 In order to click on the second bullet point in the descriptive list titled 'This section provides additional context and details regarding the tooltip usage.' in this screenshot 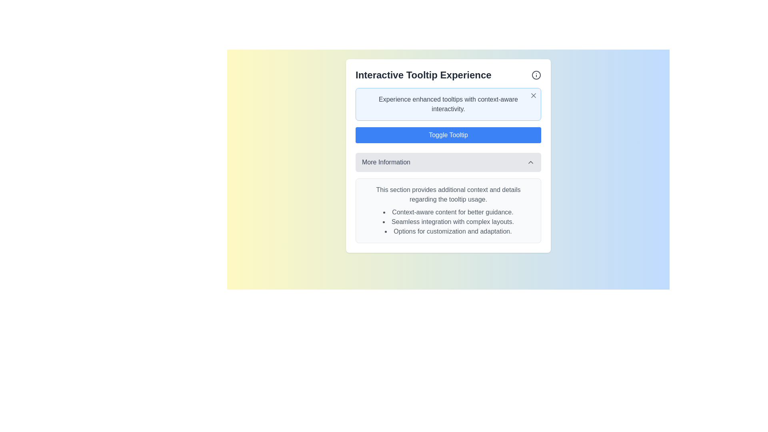, I will do `click(448, 222)`.